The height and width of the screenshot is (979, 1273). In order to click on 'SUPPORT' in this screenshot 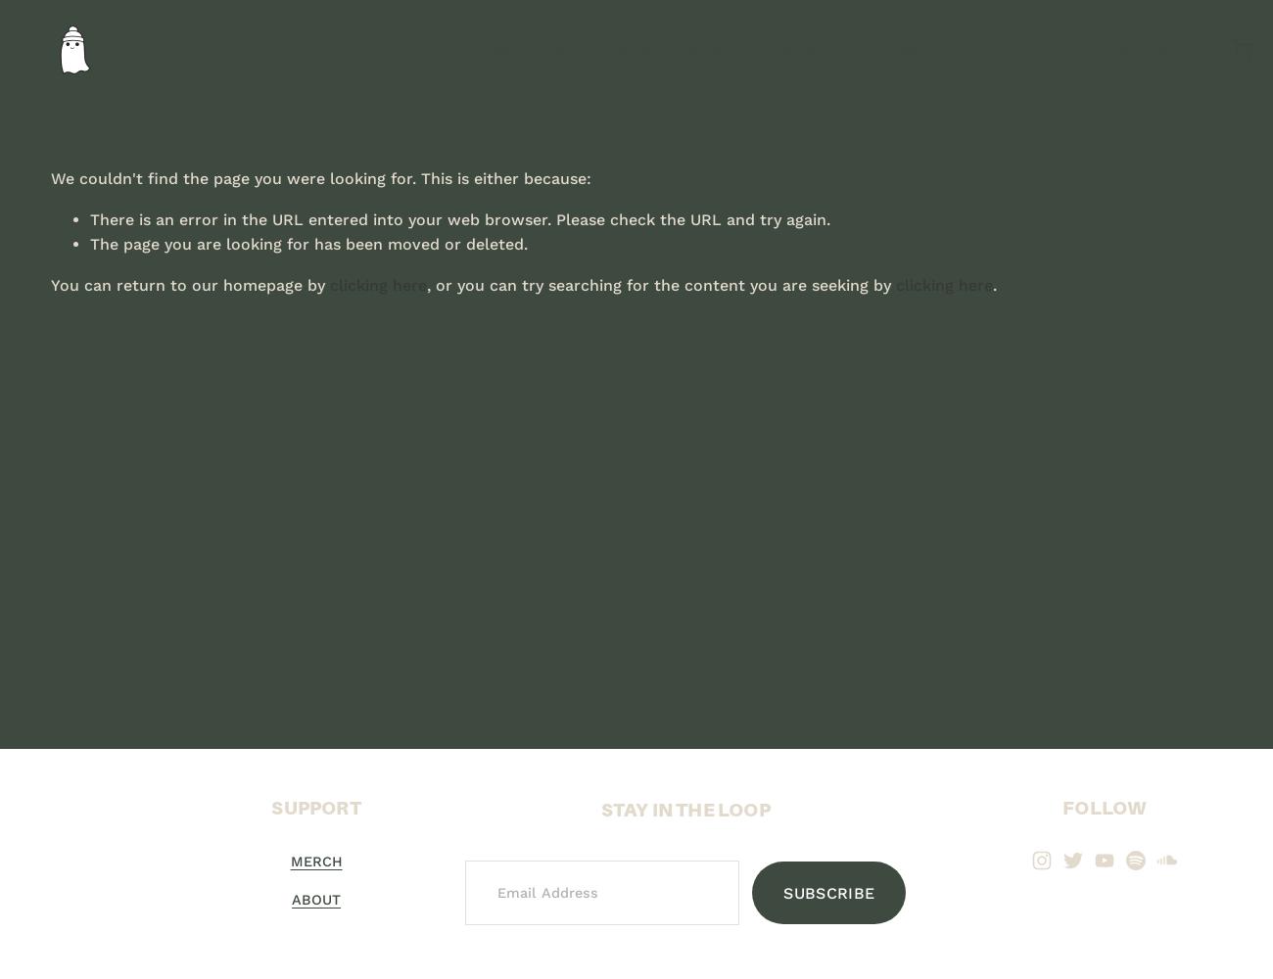, I will do `click(315, 807)`.